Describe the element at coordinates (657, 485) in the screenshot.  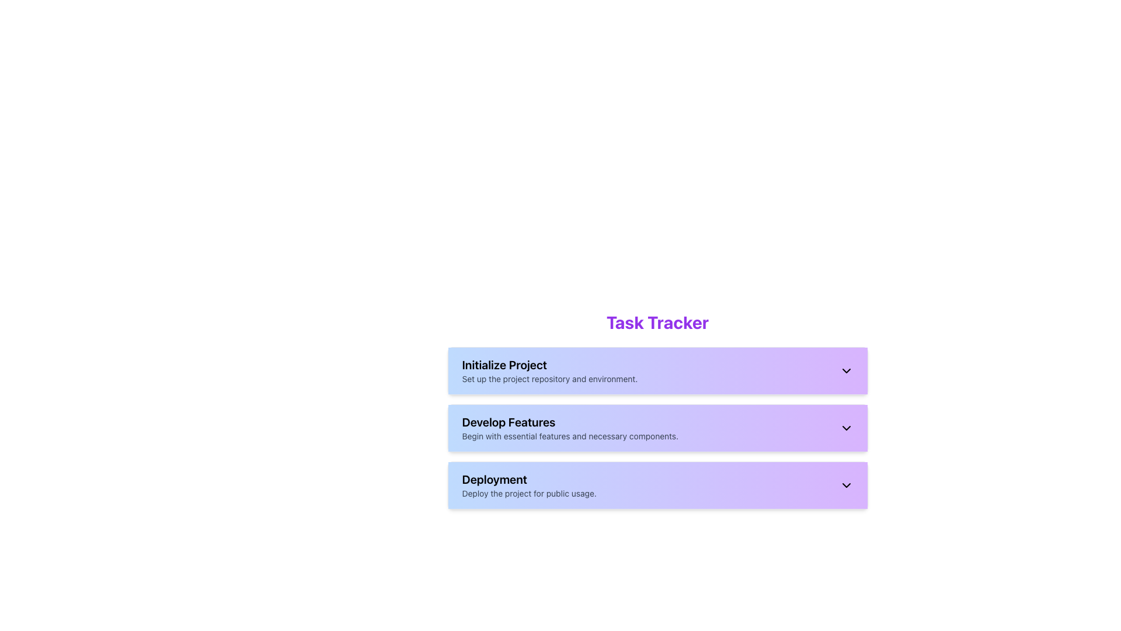
I see `the prominent rectangular button labeled 'Deployment' with a gradient background transitioning from blue to purple to interact with it` at that location.